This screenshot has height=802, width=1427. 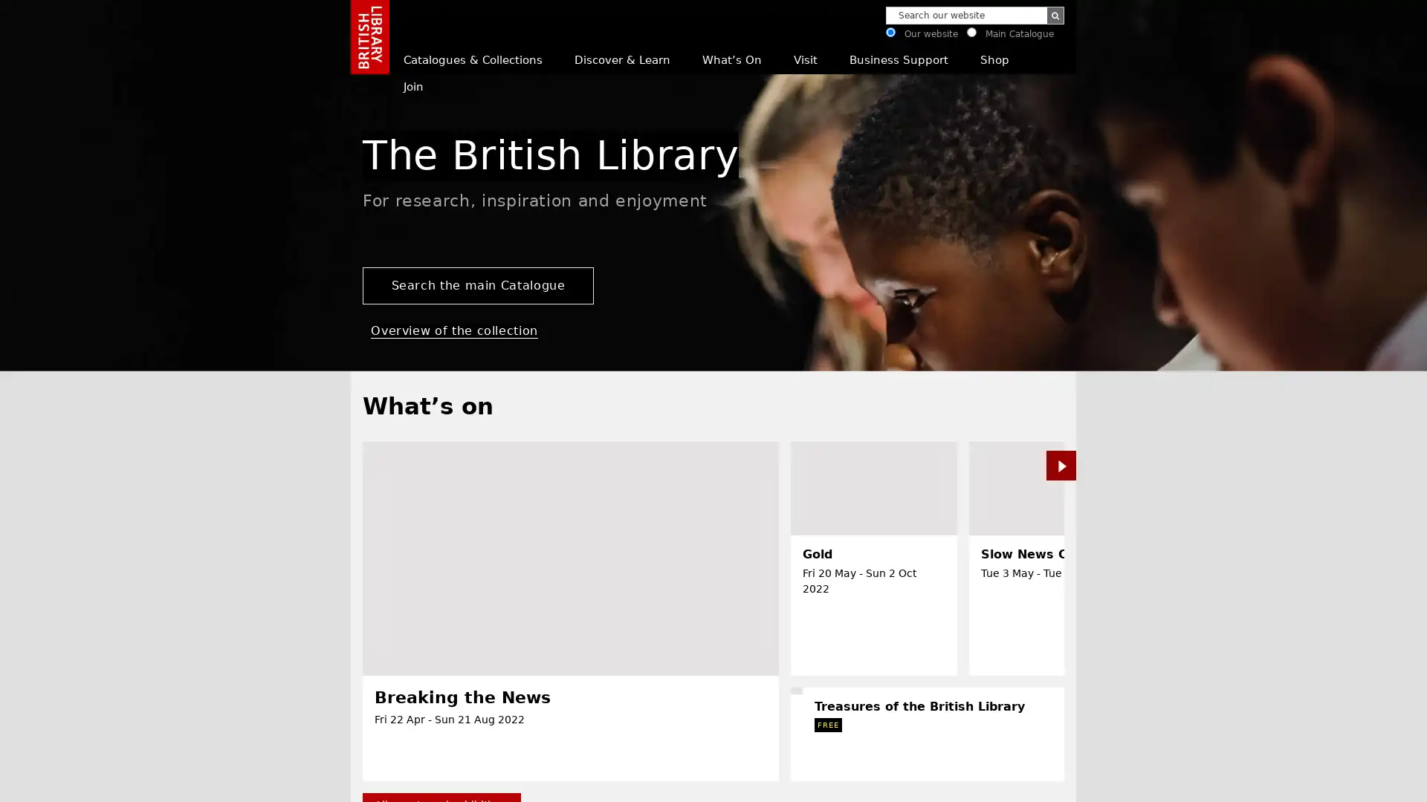 I want to click on Next, so click(x=1320, y=780).